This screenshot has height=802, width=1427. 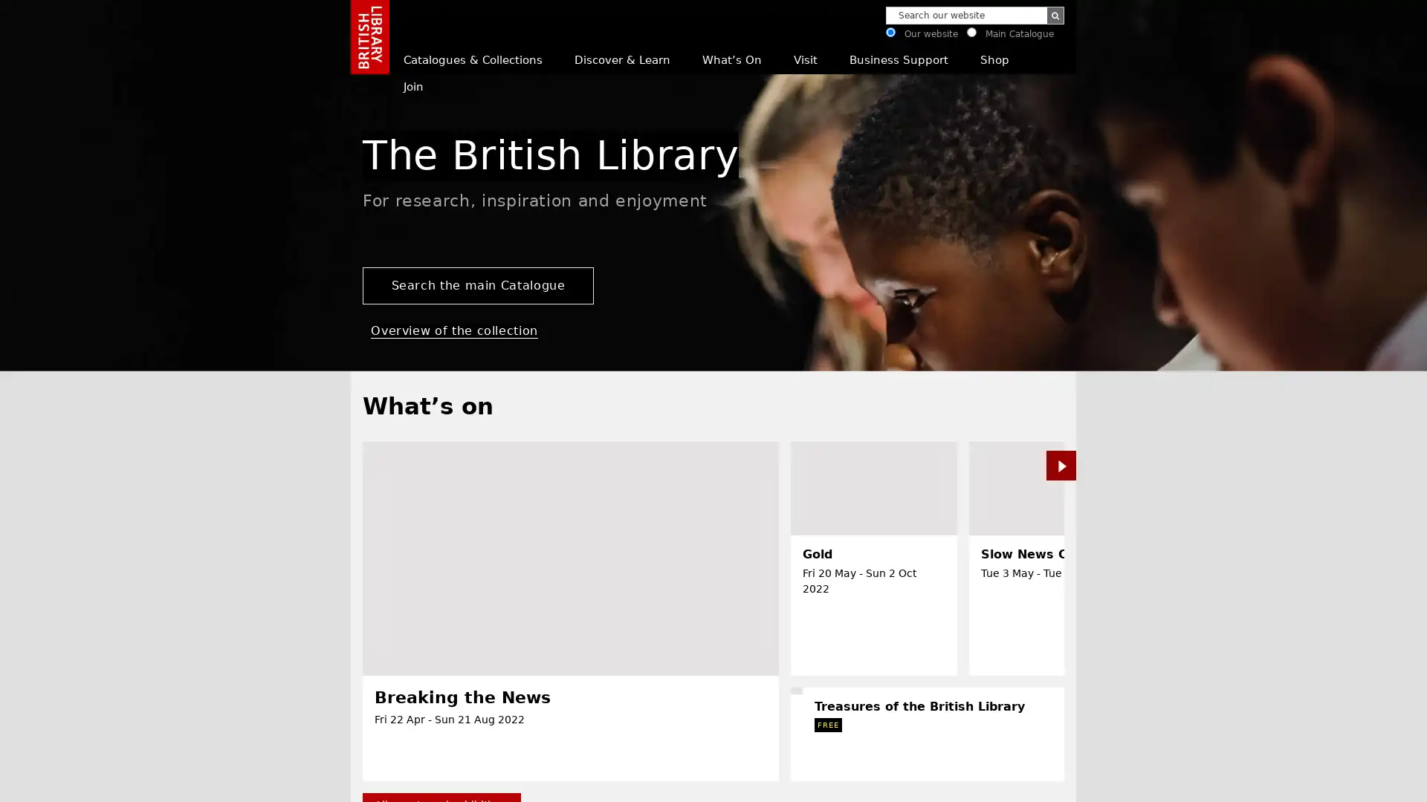 I want to click on Next, so click(x=1320, y=780).